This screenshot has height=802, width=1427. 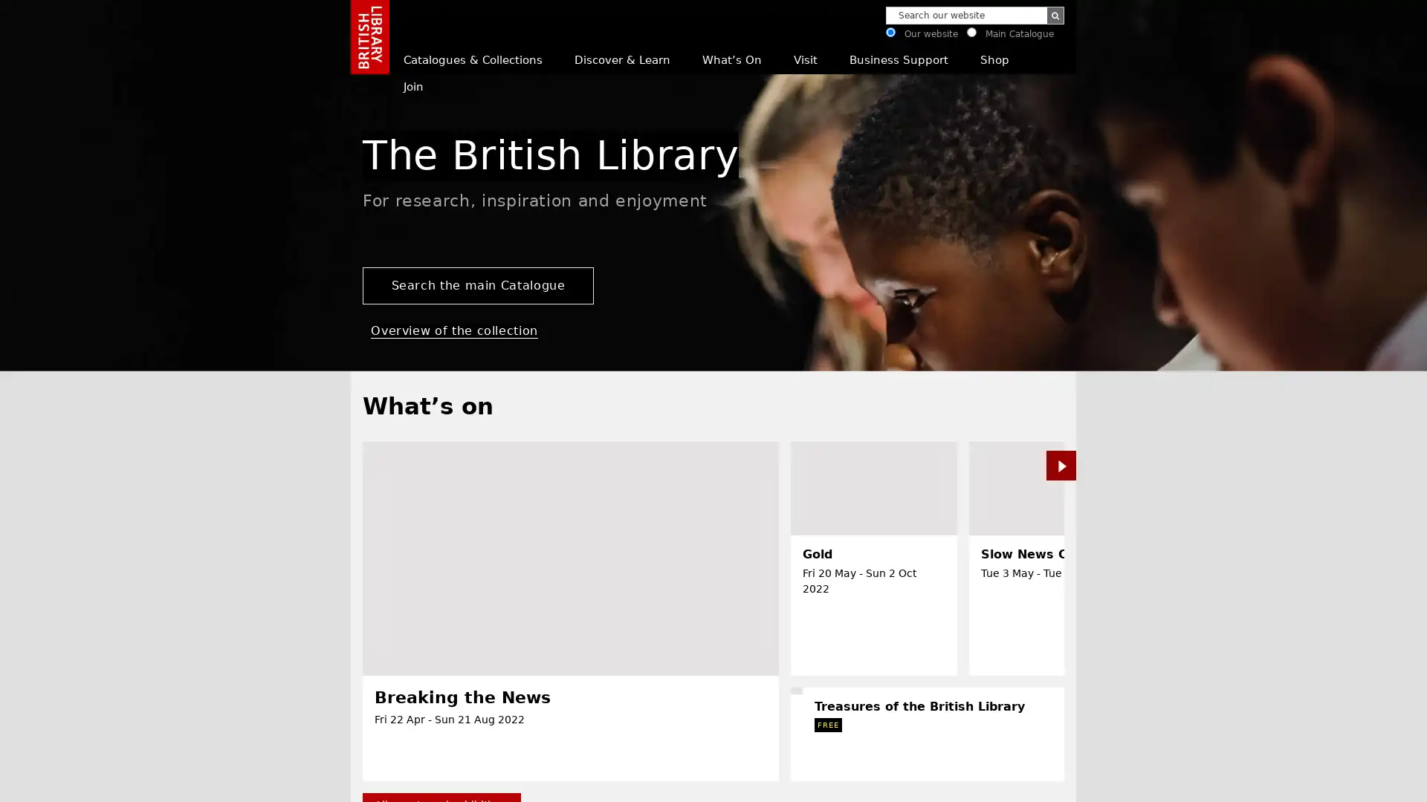 I want to click on Next, so click(x=1320, y=780).